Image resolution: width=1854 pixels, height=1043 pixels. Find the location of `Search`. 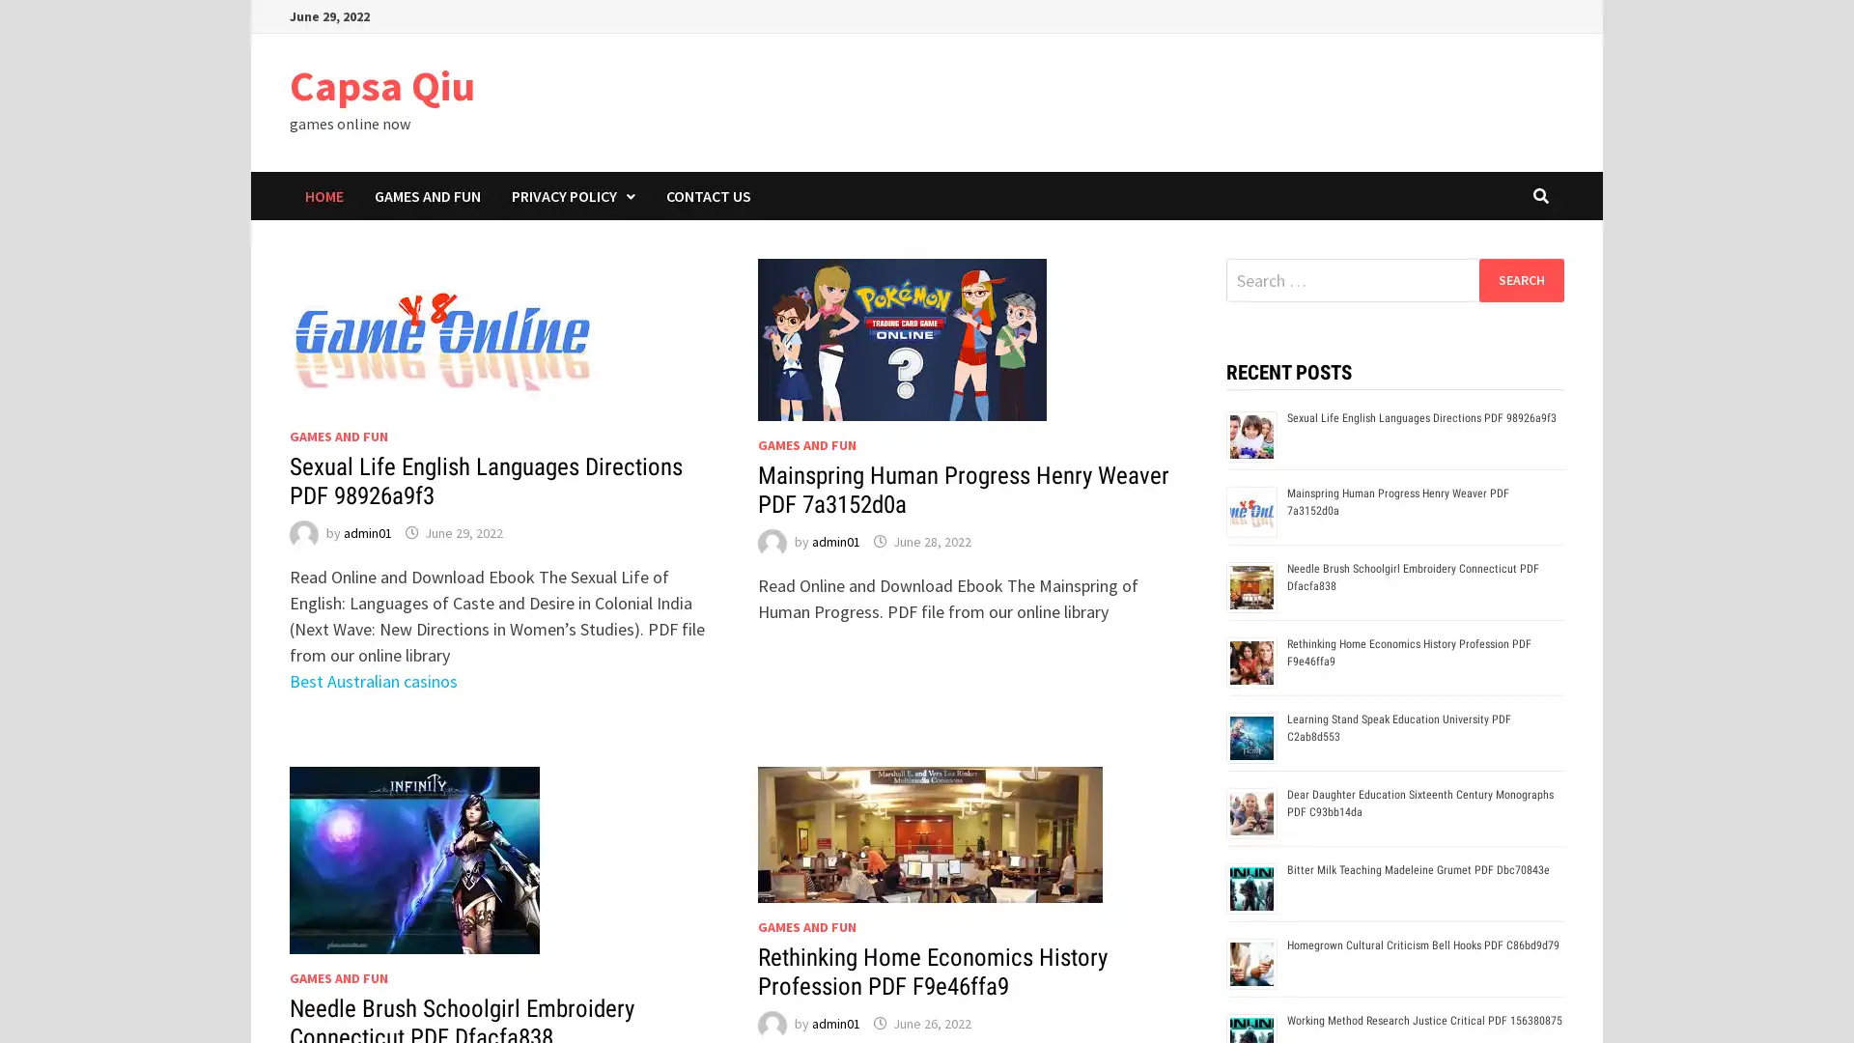

Search is located at coordinates (1520, 279).